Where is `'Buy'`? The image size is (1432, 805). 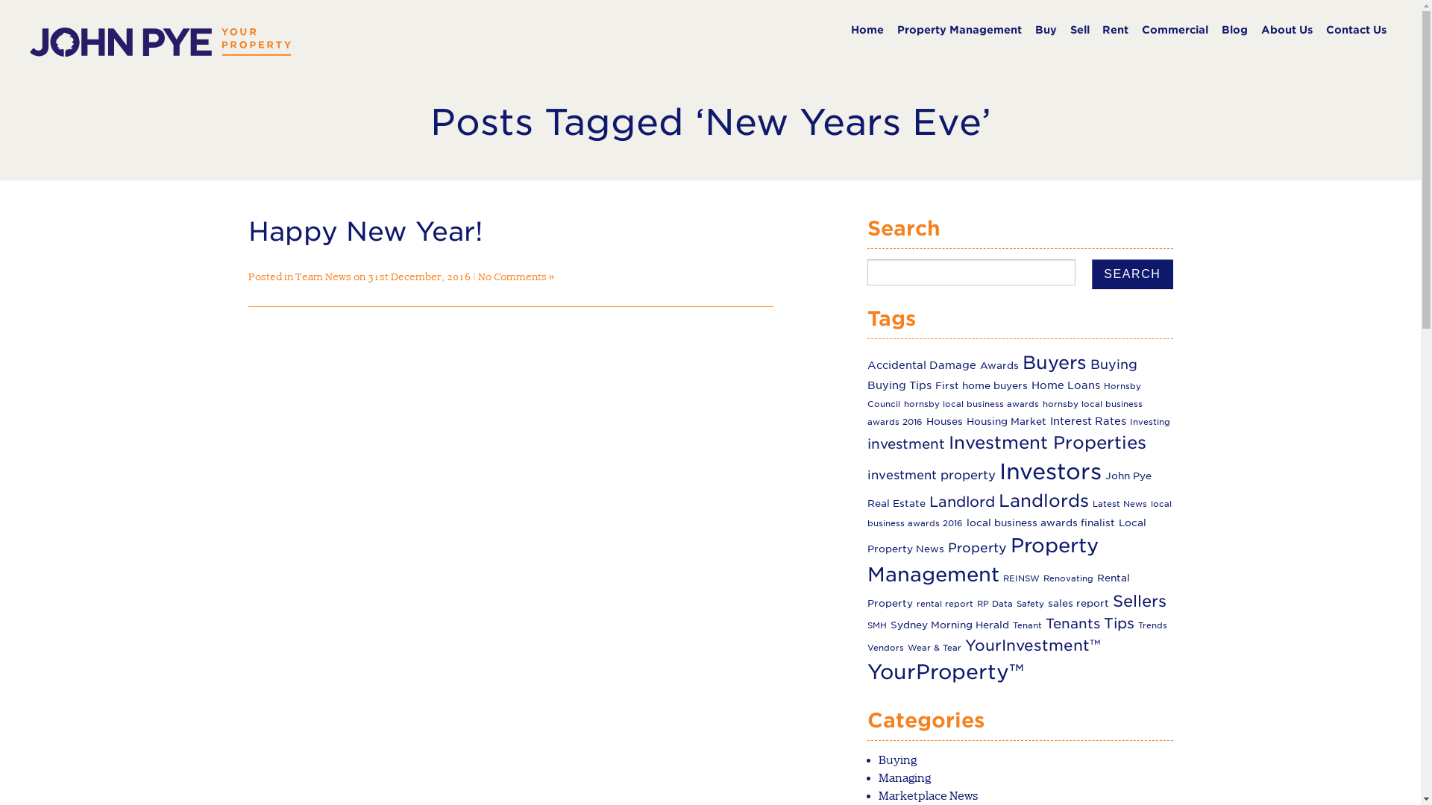
'Buy' is located at coordinates (1034, 29).